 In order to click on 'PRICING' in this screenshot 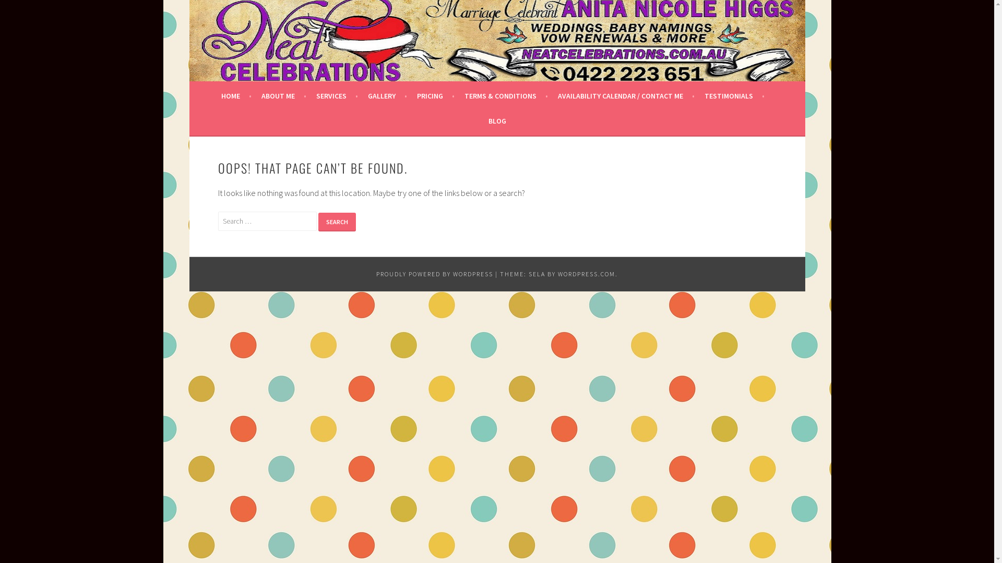, I will do `click(416, 96)`.